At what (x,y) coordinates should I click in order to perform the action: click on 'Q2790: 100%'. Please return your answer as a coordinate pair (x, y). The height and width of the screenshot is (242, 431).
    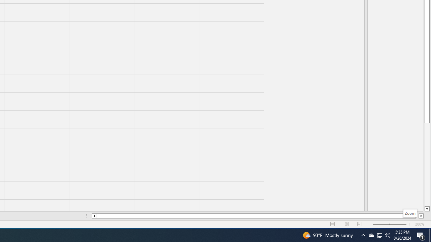
    Looking at the image, I should click on (388, 235).